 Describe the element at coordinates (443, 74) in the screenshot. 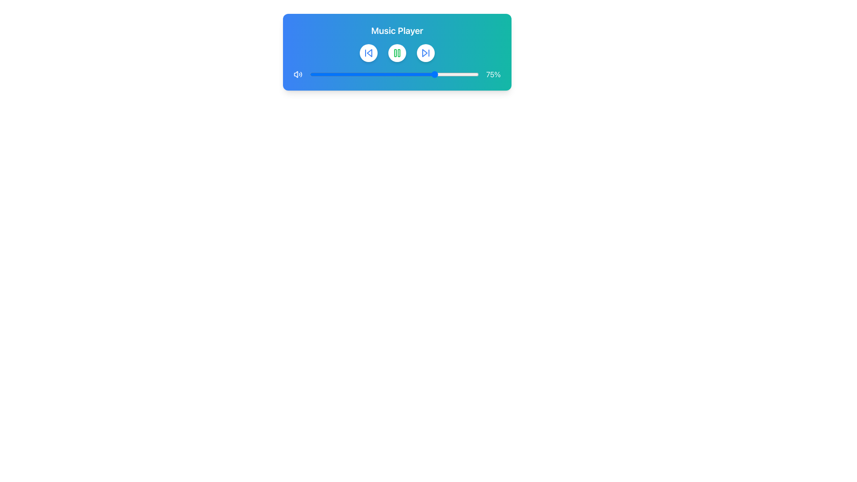

I see `the volume level` at that location.